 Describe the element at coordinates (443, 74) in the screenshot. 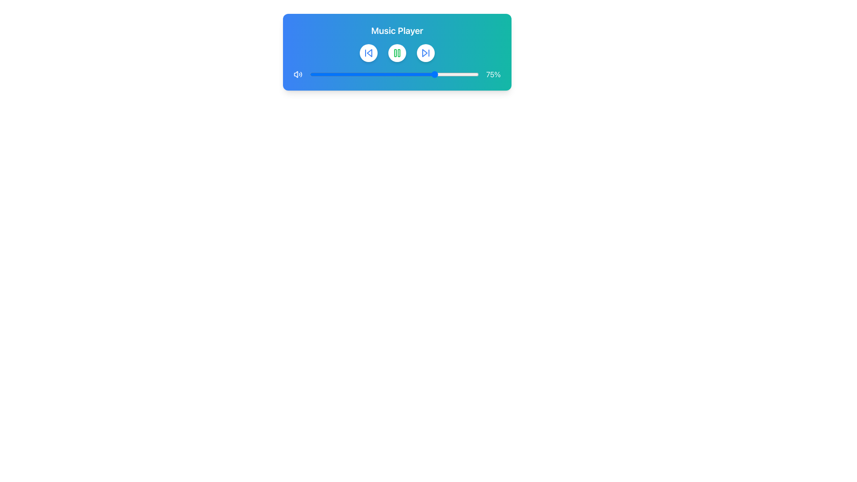

I see `the volume level` at that location.